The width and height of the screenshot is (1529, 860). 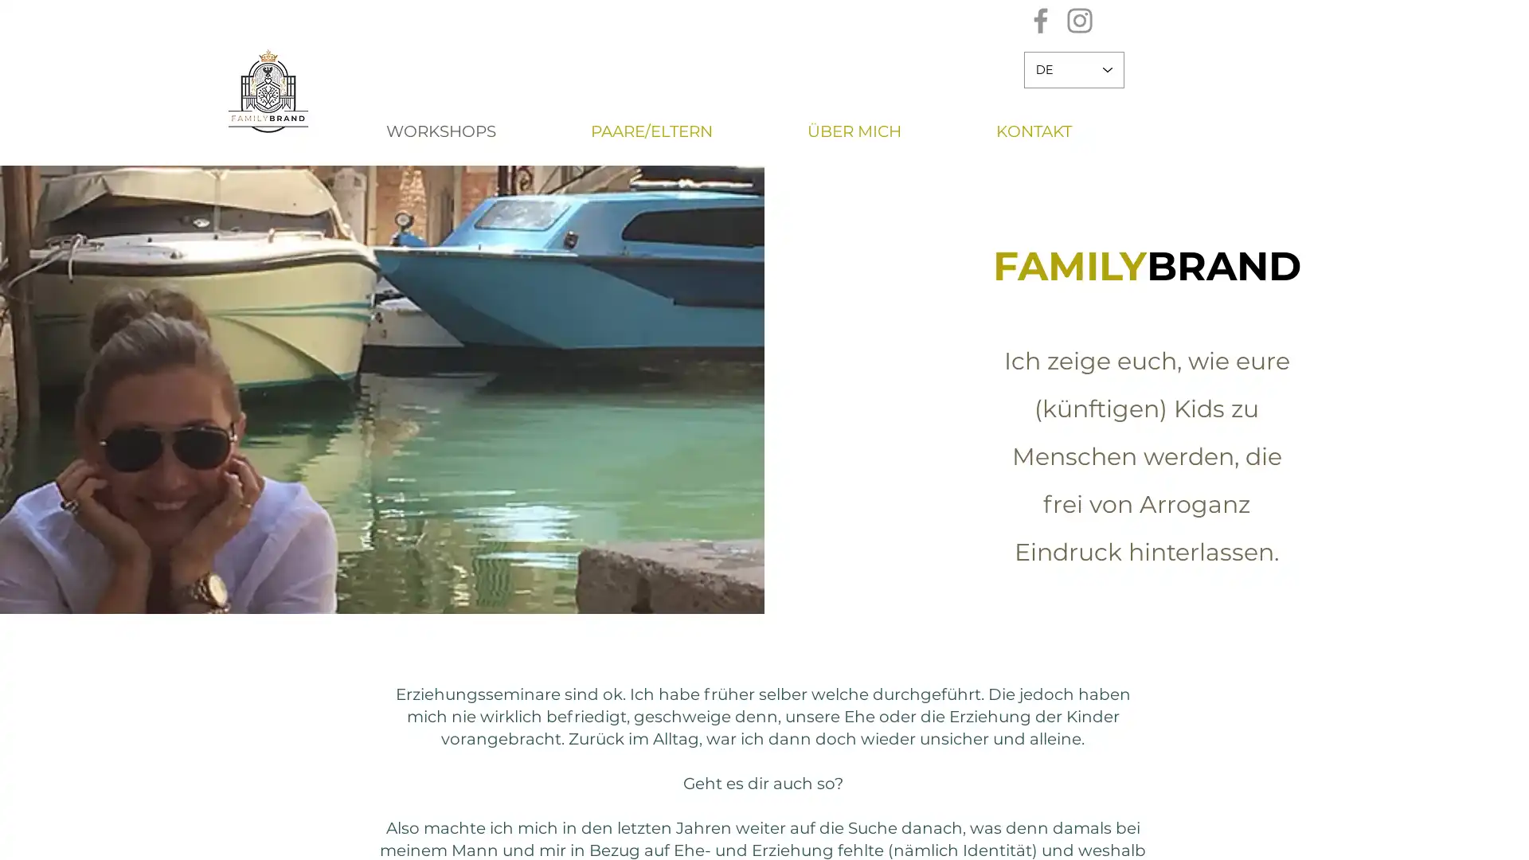 I want to click on Alle ablehnen, so click(x=1337, y=834).